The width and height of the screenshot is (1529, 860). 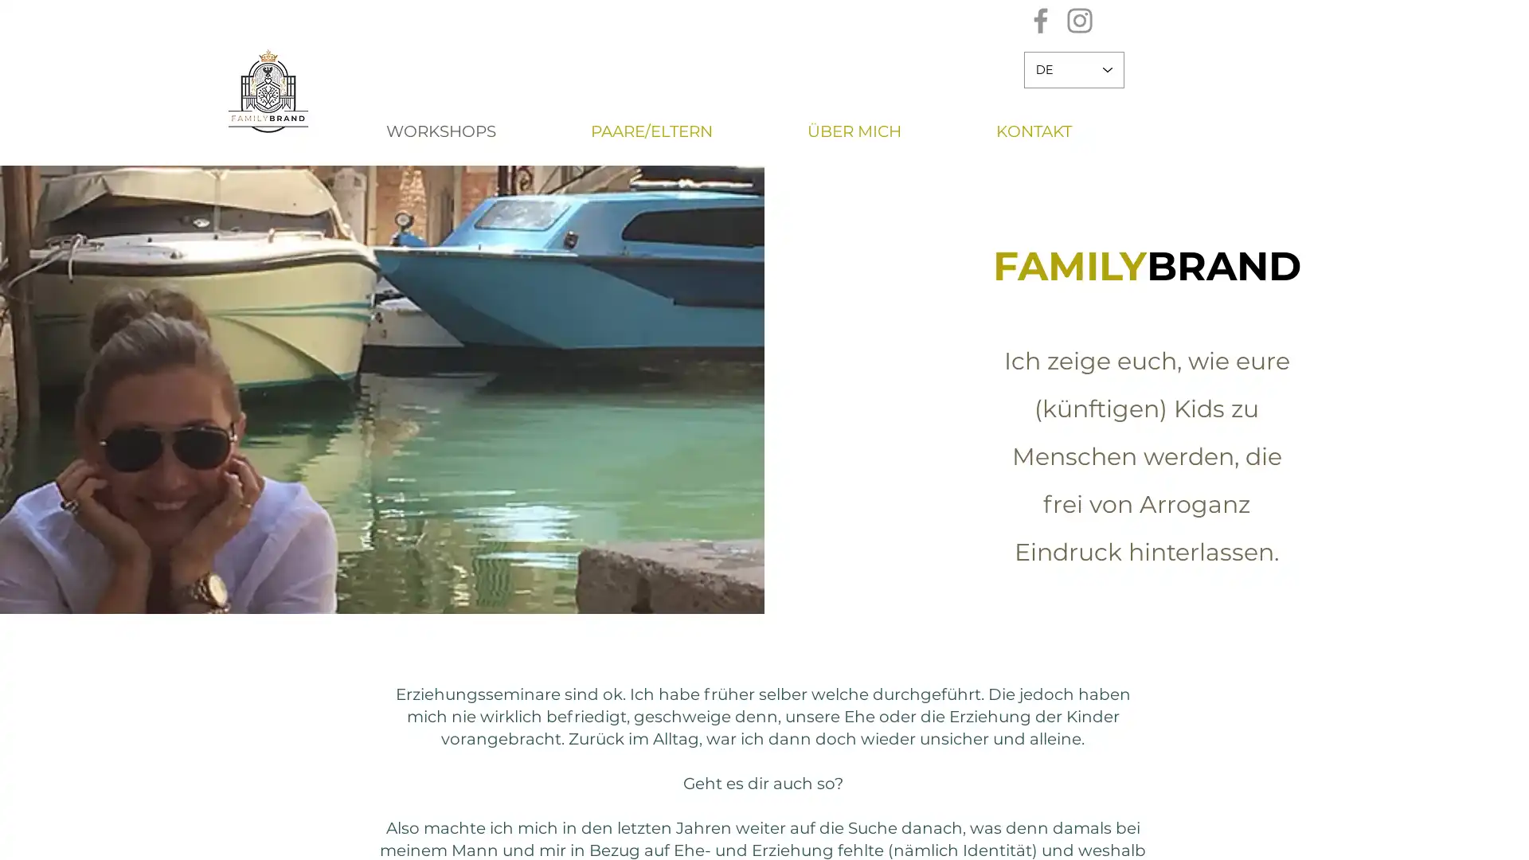 I want to click on Alle ablehnen, so click(x=1337, y=834).